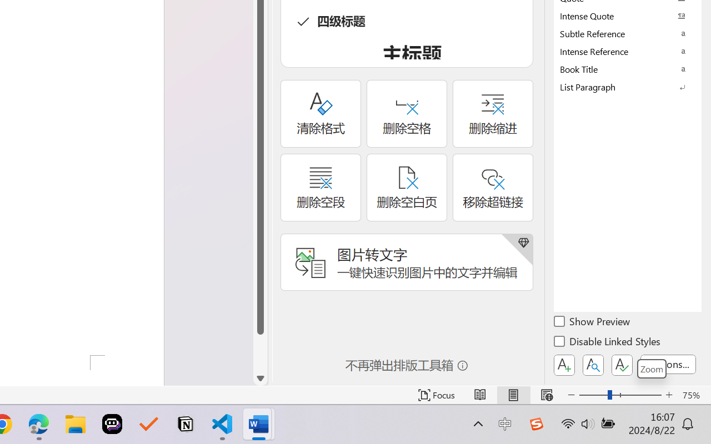 Image resolution: width=711 pixels, height=444 pixels. What do you see at coordinates (622, 365) in the screenshot?
I see `'Class: NetUIButton'` at bounding box center [622, 365].